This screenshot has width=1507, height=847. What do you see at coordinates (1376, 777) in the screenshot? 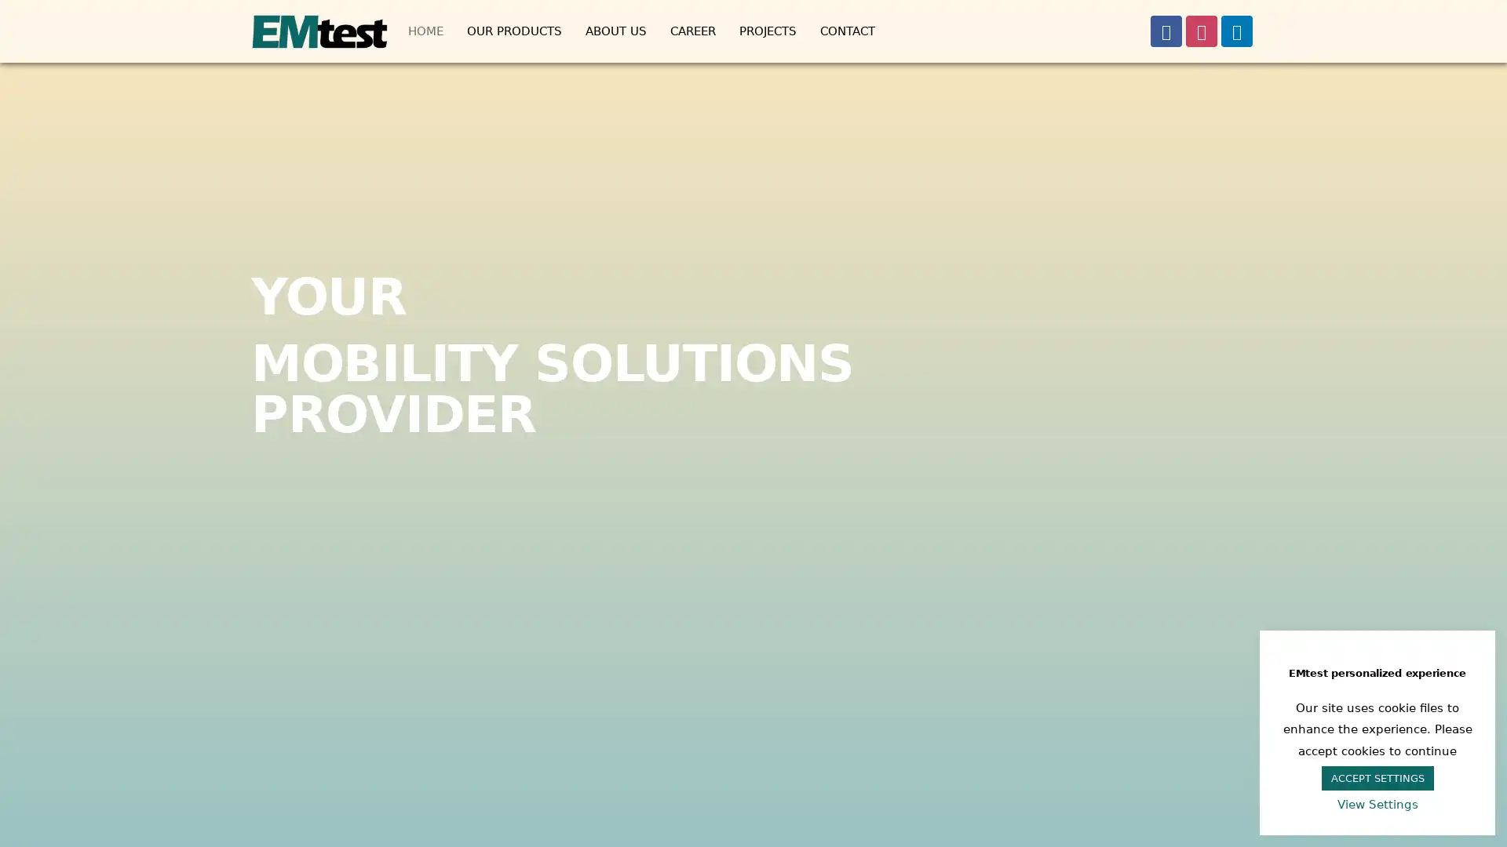
I see `ACCEPT SETTINGS` at bounding box center [1376, 777].